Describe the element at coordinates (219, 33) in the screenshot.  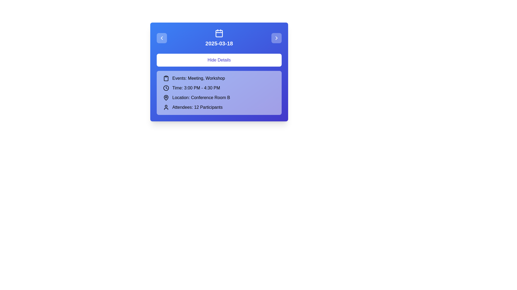
I see `the blue rounded rectangle icon component within the calendar icon, located at the top of the interface, above the date text '2025-03-18'` at that location.